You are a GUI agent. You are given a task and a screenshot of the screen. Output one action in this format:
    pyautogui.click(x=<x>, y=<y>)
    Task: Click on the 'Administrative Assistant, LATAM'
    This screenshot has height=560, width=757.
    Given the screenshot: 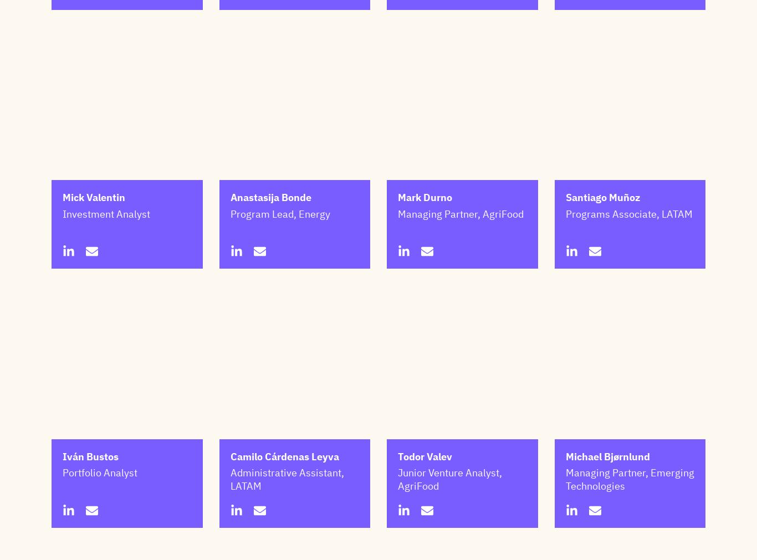 What is the action you would take?
    pyautogui.click(x=287, y=534)
    